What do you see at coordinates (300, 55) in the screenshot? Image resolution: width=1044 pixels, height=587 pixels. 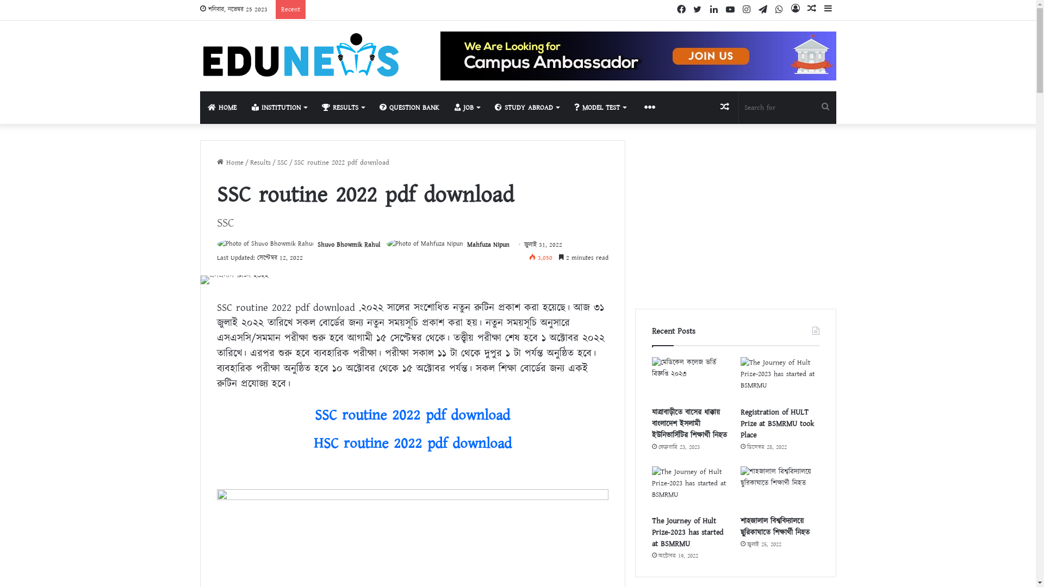 I see `'Edu News'` at bounding box center [300, 55].